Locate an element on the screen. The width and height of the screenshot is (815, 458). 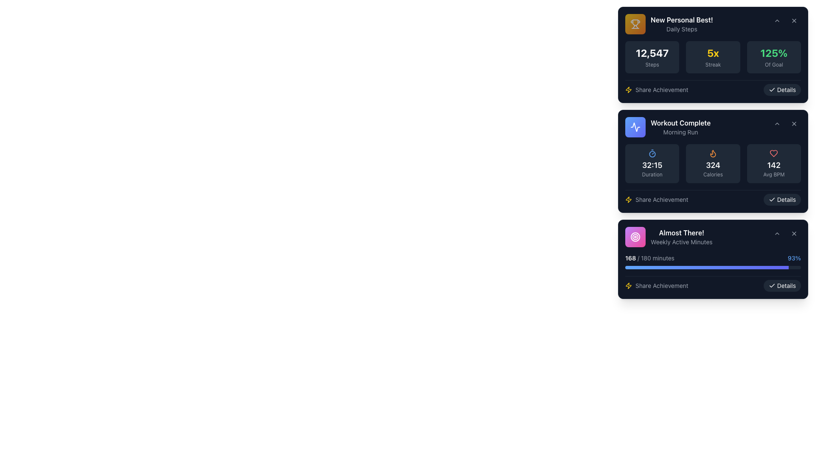
the text label providing context for the workout session under the 'Workout Complete' title is located at coordinates (680, 132).